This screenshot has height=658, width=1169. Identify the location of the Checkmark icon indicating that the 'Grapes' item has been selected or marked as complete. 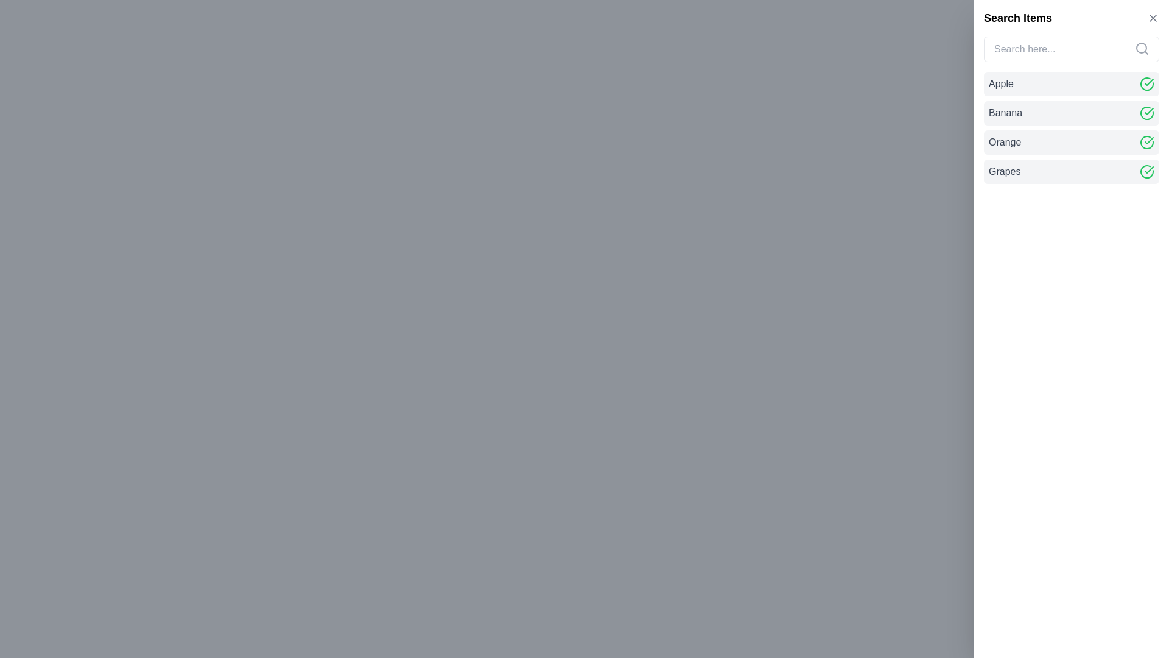
(1146, 171).